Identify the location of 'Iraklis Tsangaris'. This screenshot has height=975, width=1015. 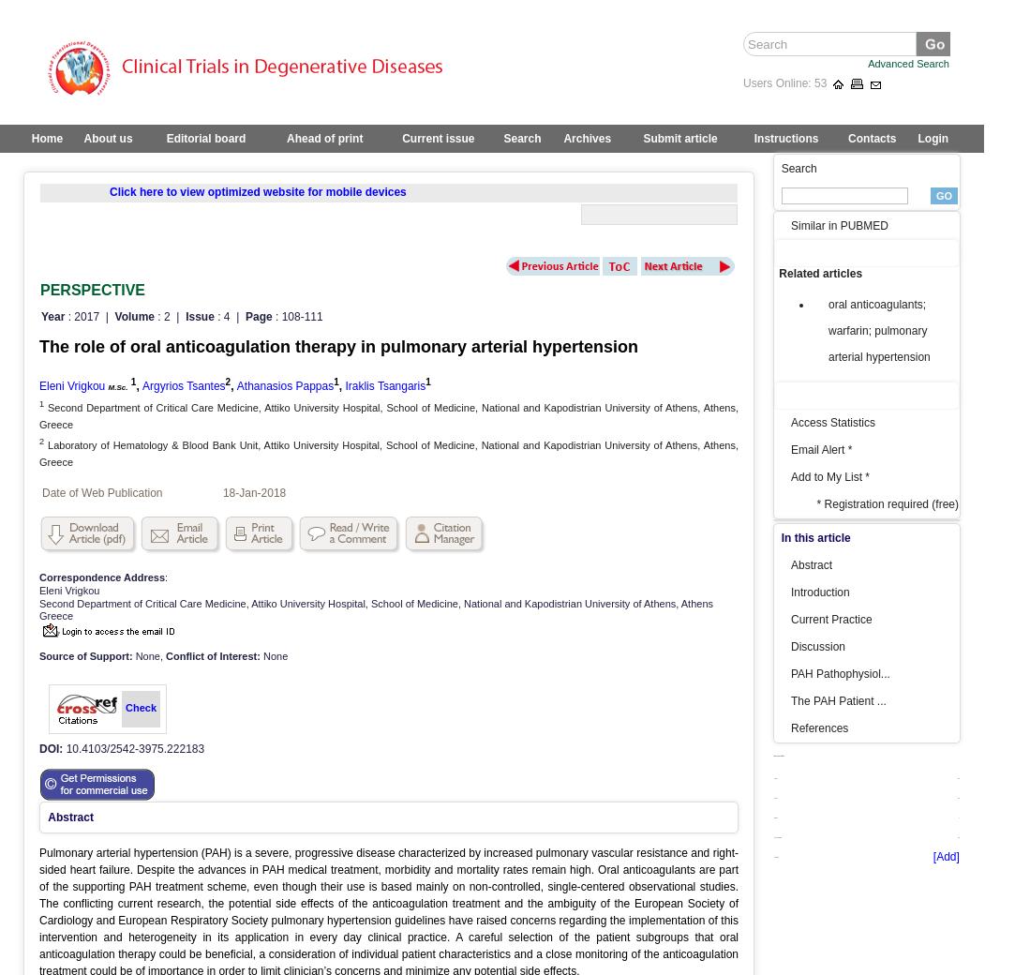
(384, 385).